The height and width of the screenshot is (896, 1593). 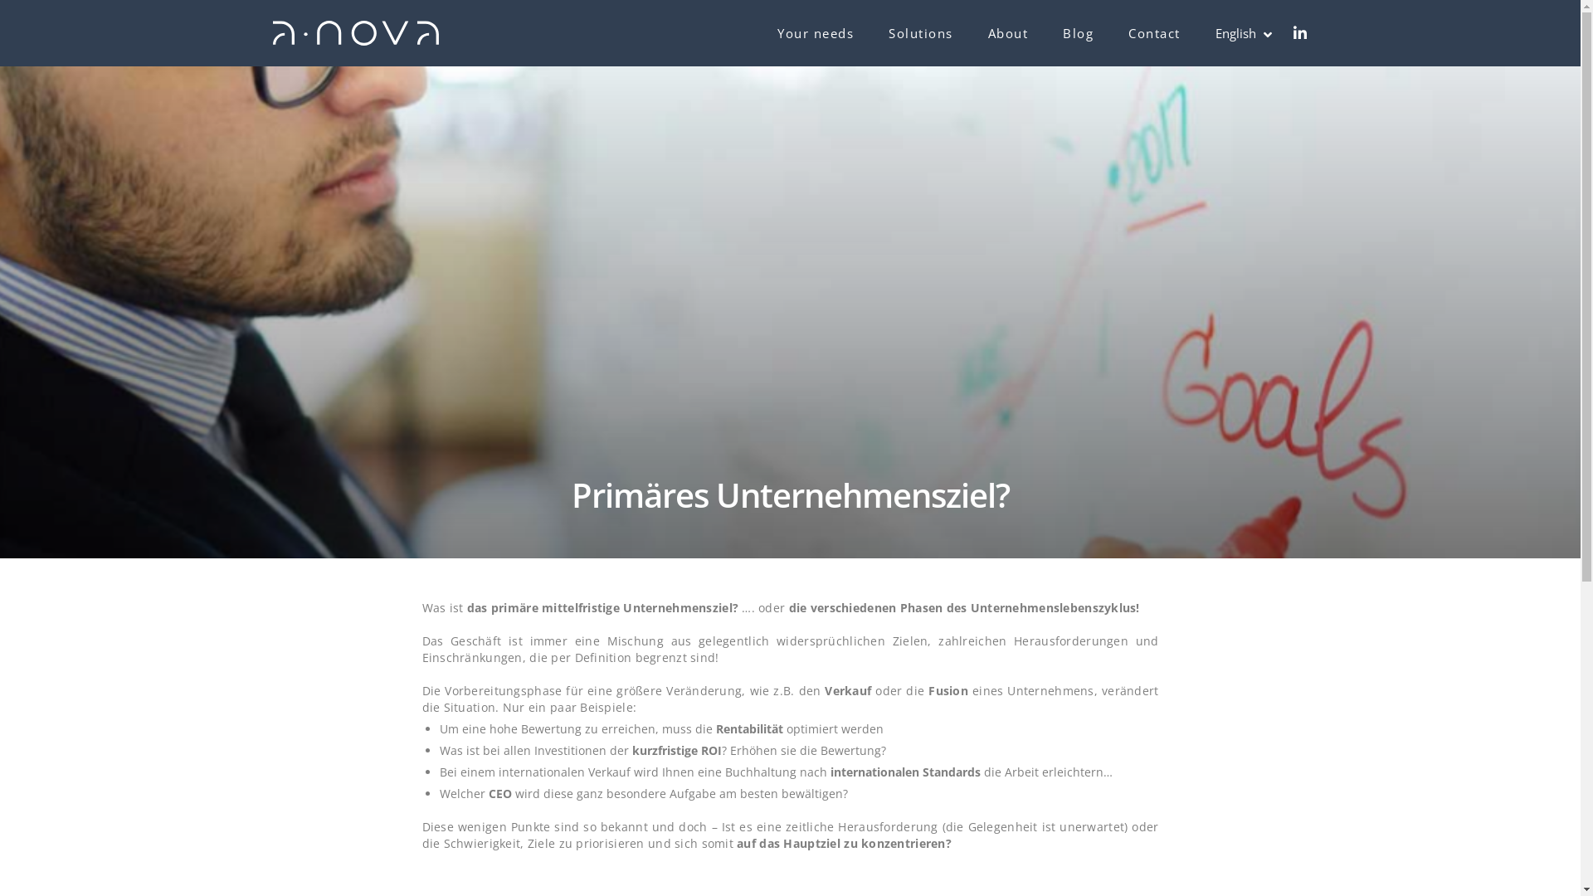 I want to click on 'Contact', so click(x=559, y=706).